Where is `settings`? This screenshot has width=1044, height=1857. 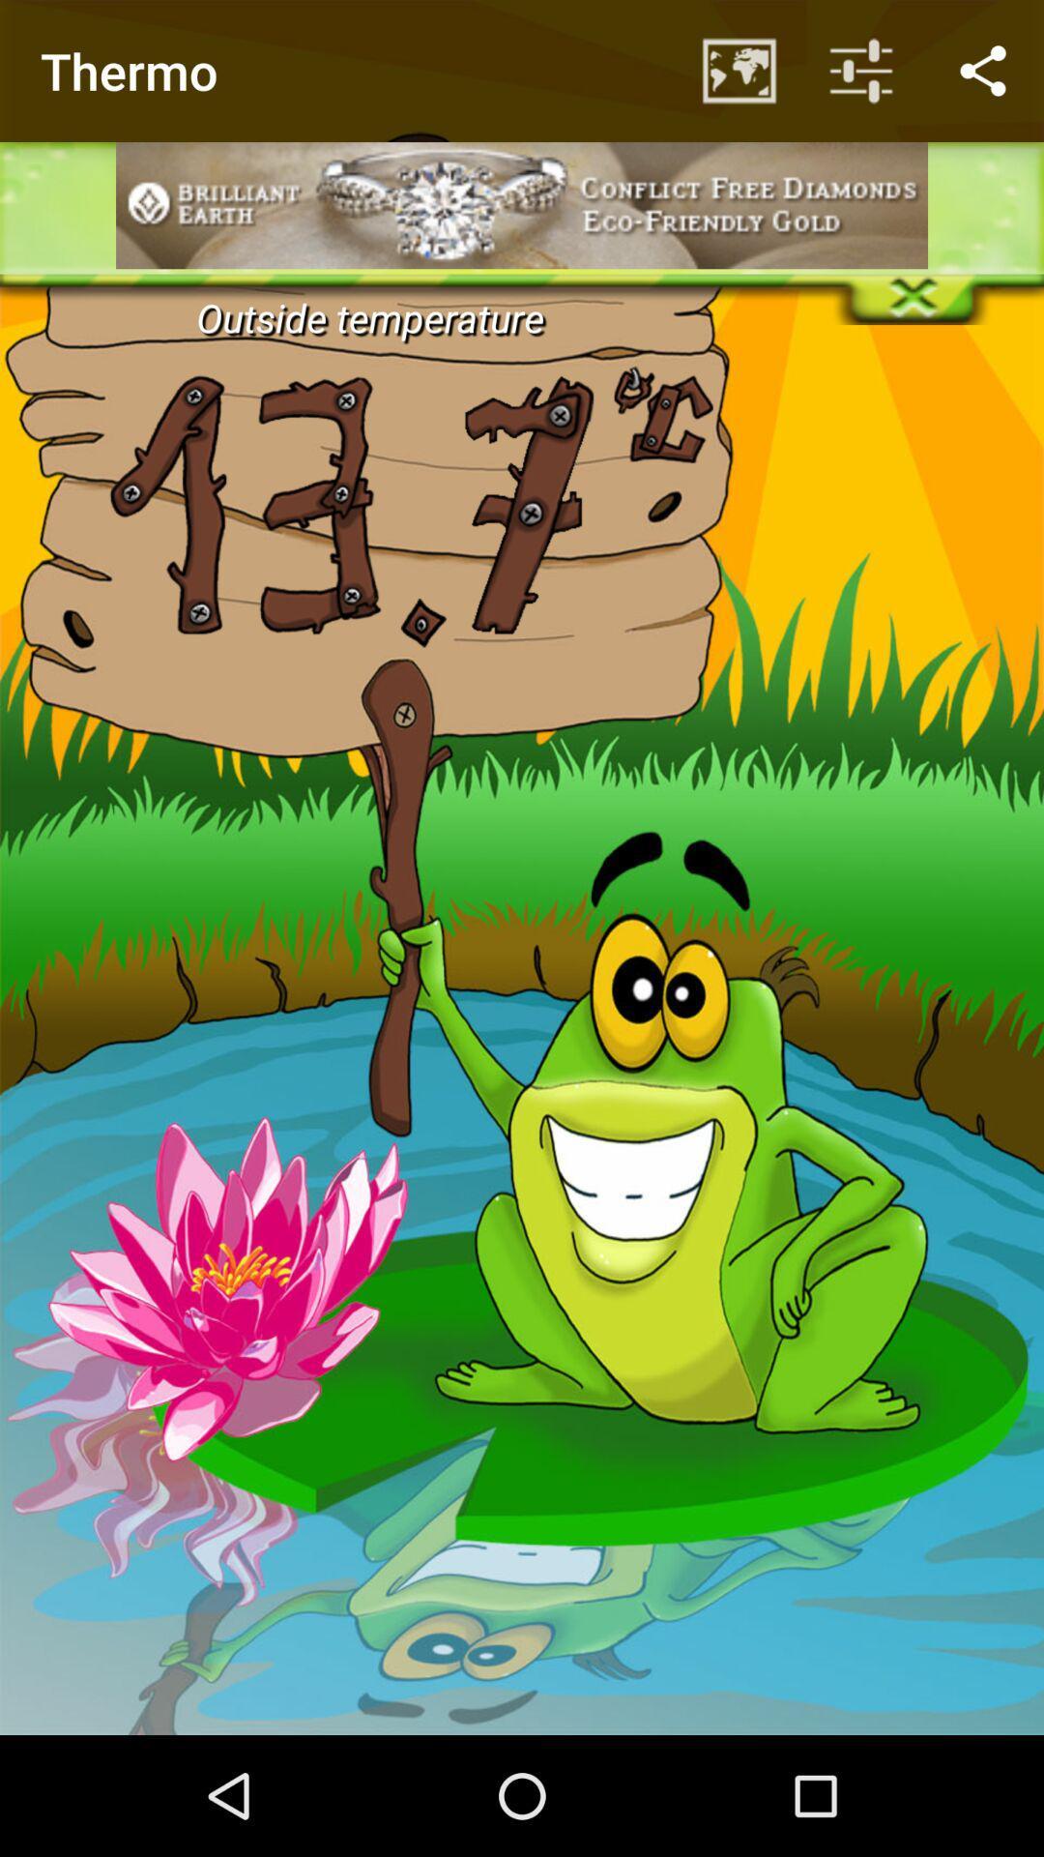
settings is located at coordinates (522, 63).